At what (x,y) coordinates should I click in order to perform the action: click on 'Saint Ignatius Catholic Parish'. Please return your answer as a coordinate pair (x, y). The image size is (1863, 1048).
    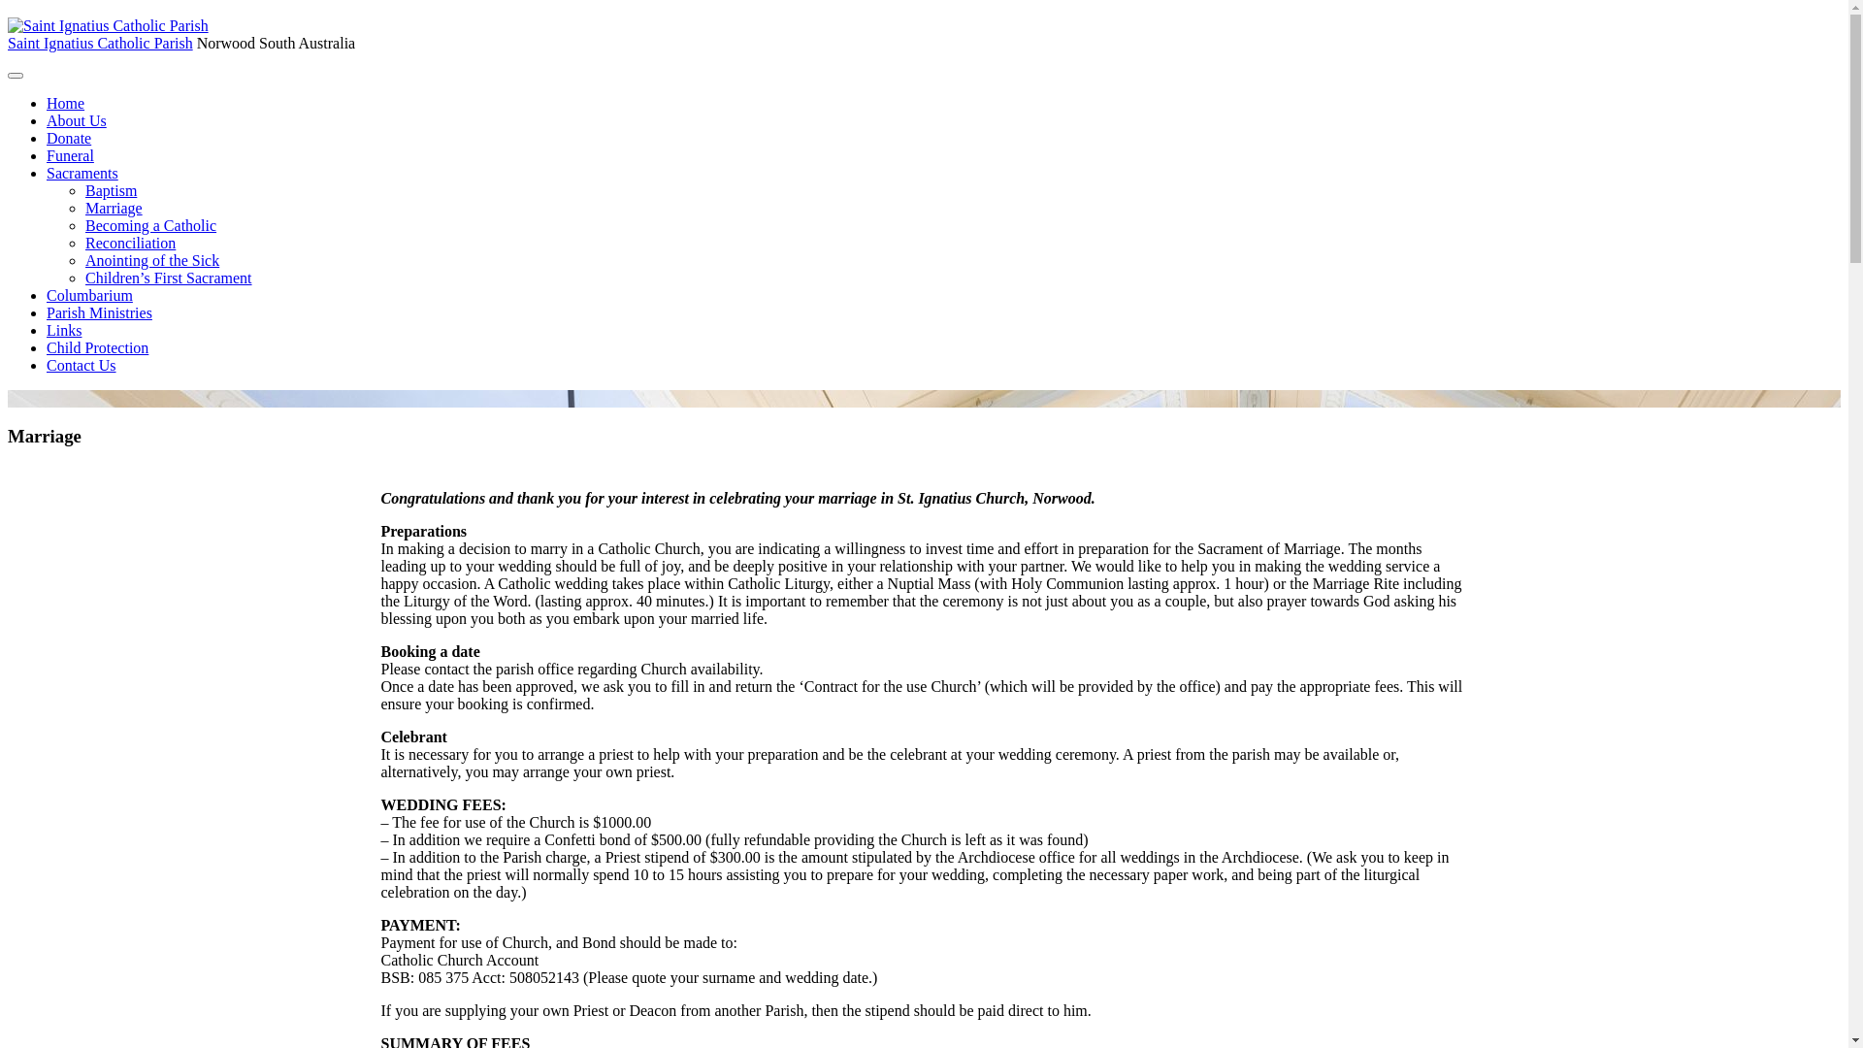
    Looking at the image, I should click on (99, 43).